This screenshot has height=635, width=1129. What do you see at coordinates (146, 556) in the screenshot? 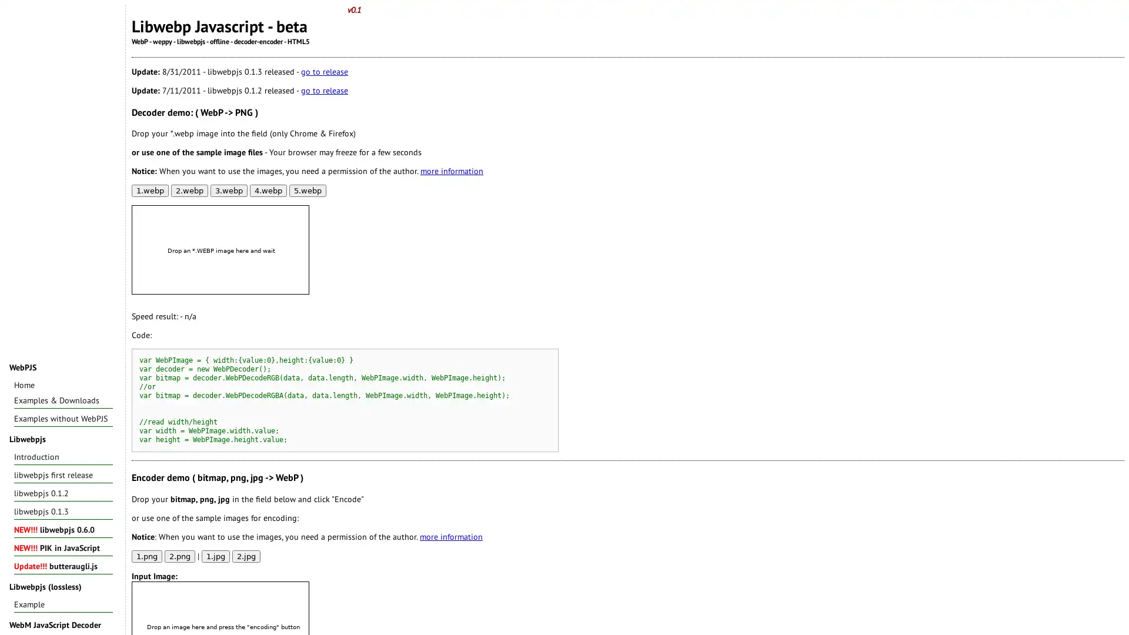
I see `1.png` at bounding box center [146, 556].